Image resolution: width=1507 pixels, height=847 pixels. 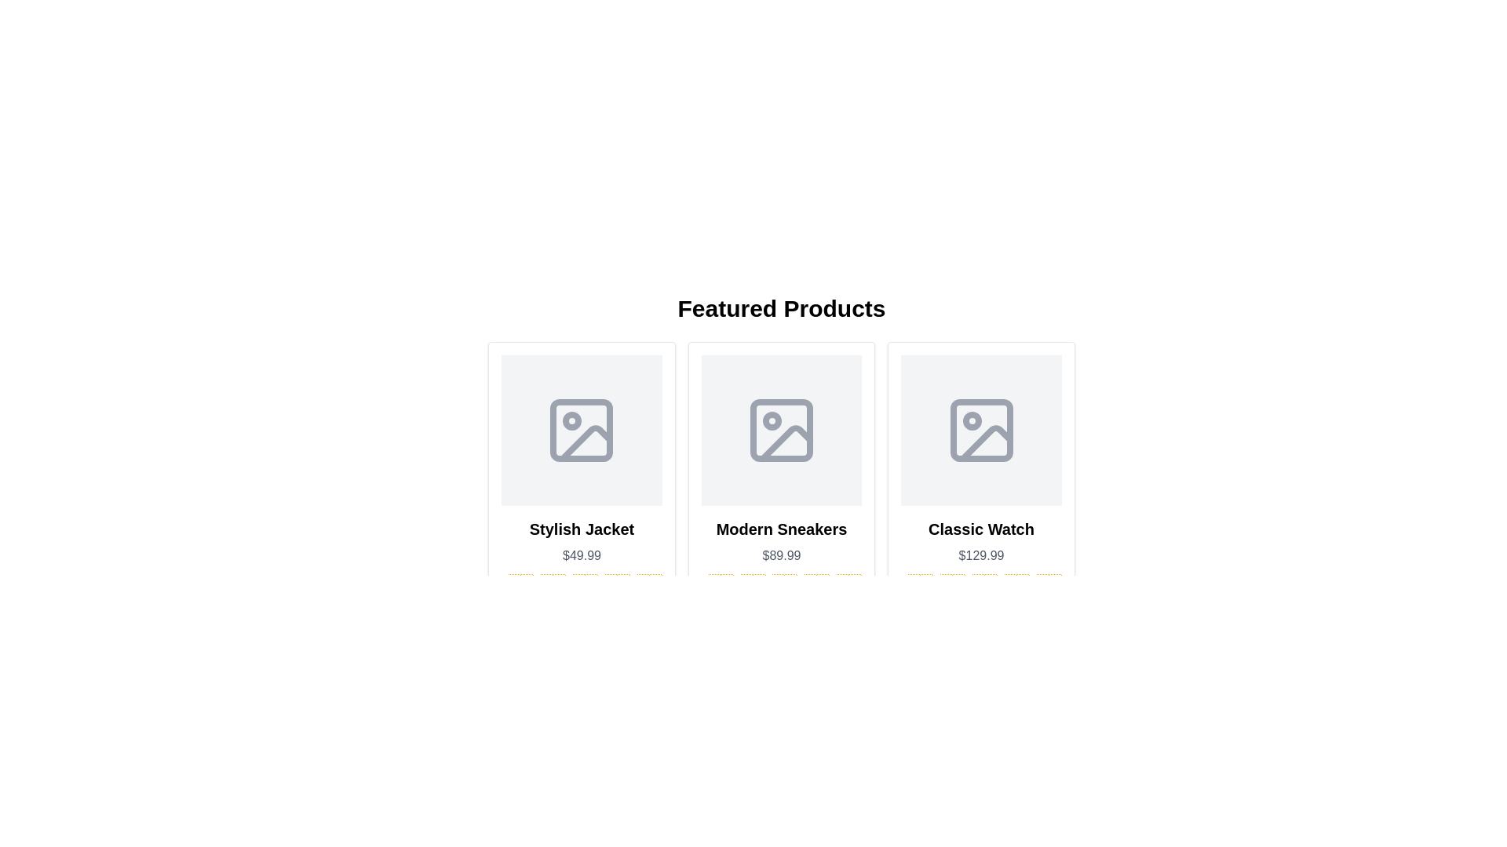 What do you see at coordinates (980, 491) in the screenshot?
I see `price and rating displayed on the 'Classic Watch' product card, located in the rightmost column of the grid below the 'Featured Products' heading` at bounding box center [980, 491].